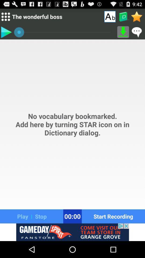 The height and width of the screenshot is (258, 145). I want to click on the file_download icon, so click(123, 34).